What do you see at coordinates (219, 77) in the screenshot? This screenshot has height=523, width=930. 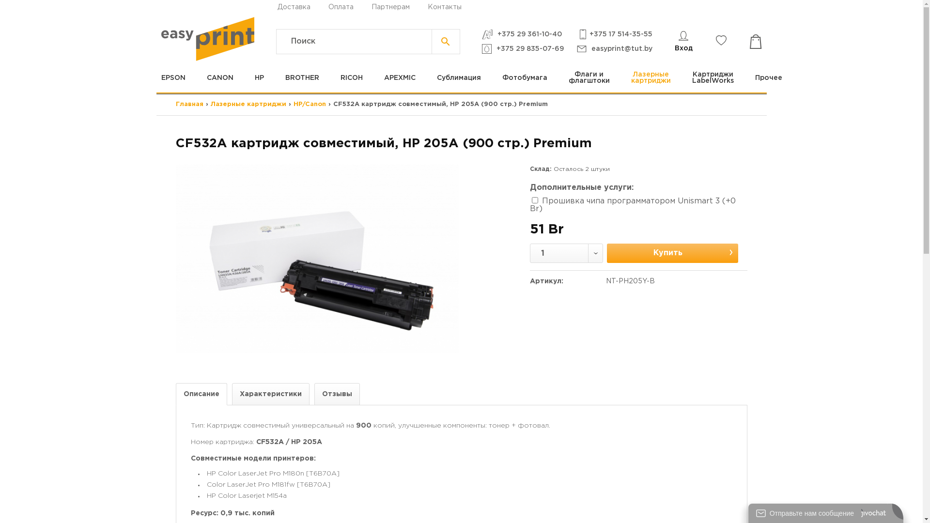 I see `'CANON'` at bounding box center [219, 77].